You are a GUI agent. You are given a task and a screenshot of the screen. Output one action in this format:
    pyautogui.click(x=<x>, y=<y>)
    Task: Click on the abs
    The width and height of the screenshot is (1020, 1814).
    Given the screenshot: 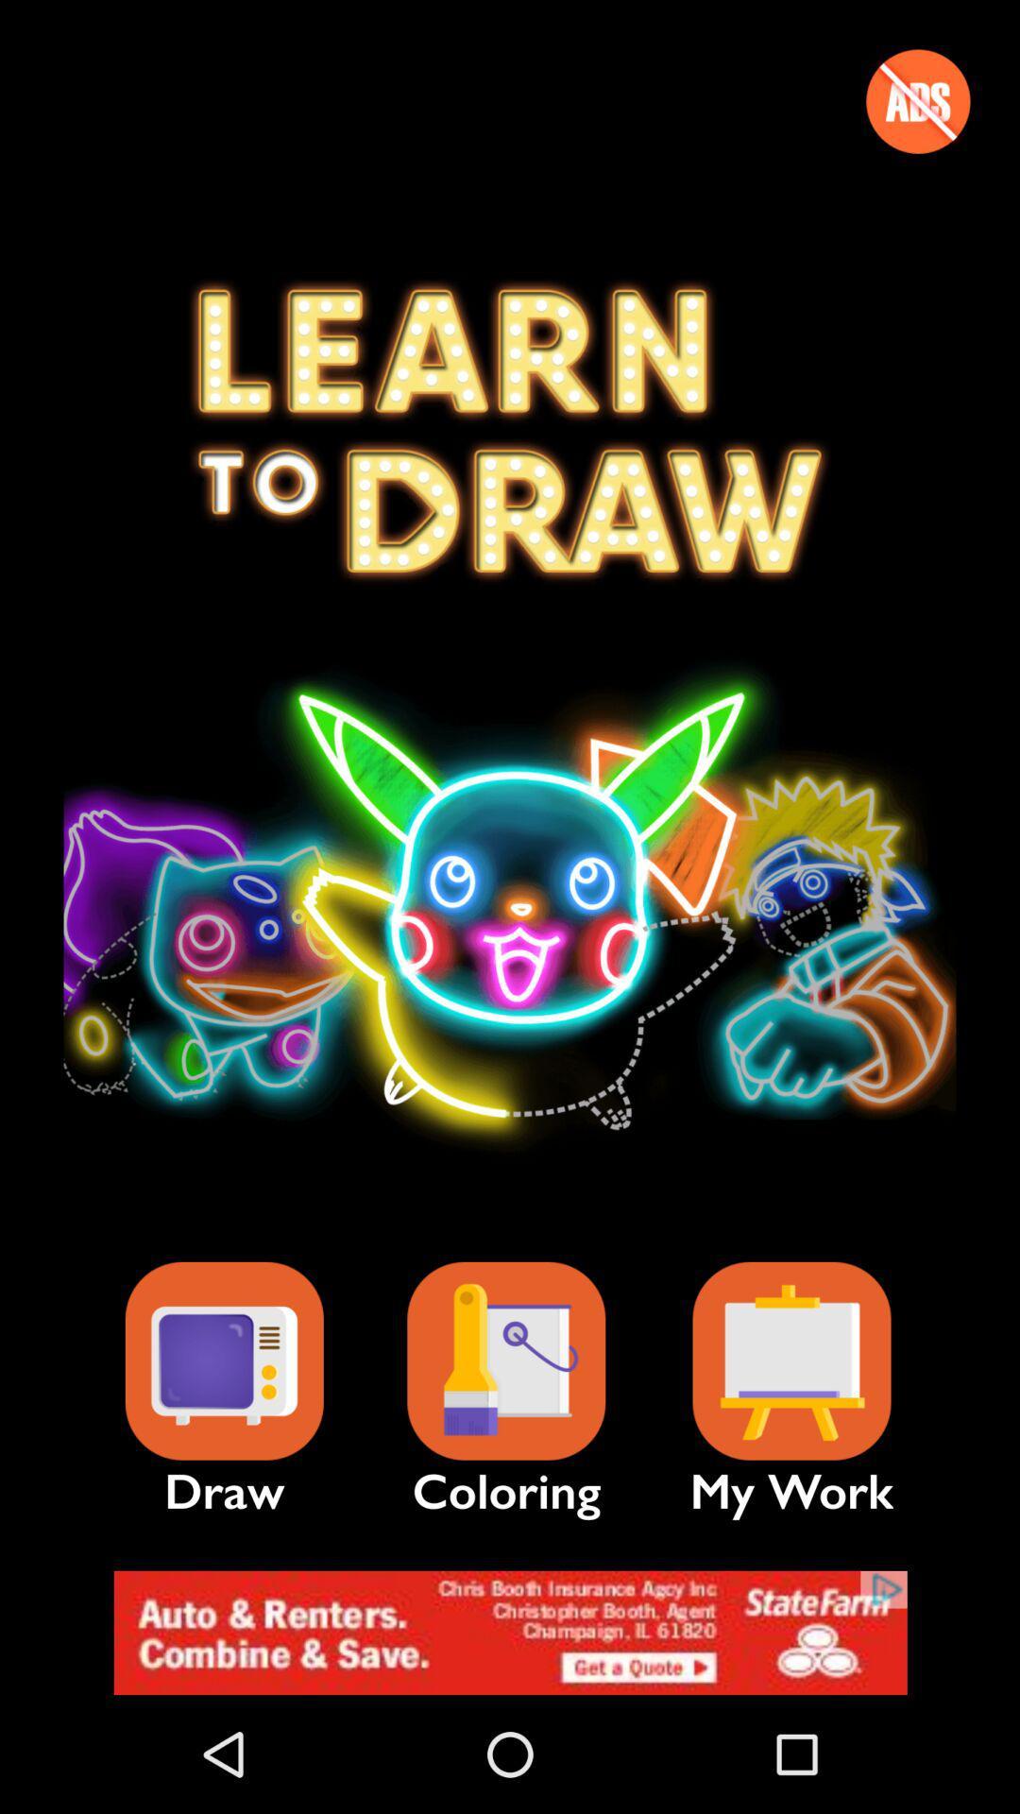 What is the action you would take?
    pyautogui.click(x=917, y=100)
    